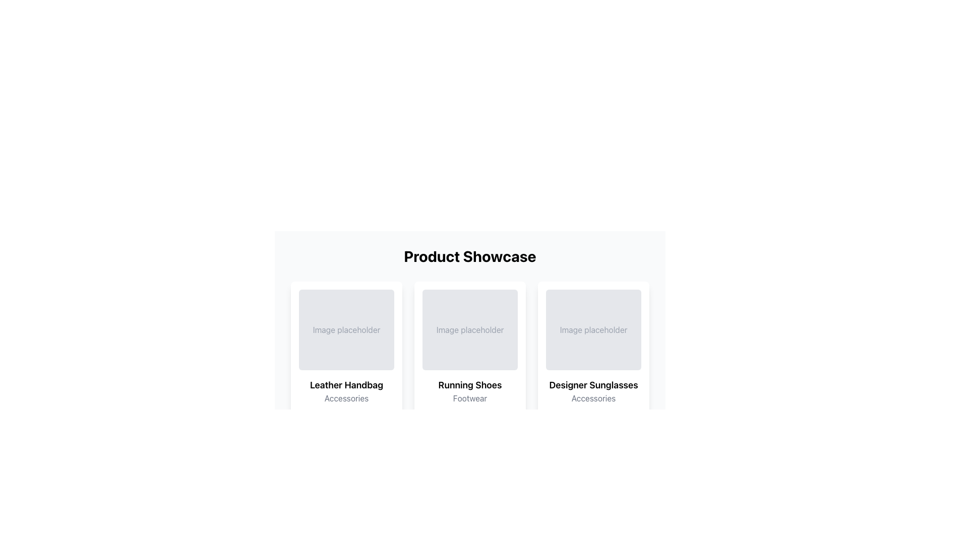 The width and height of the screenshot is (968, 544). Describe the element at coordinates (346, 397) in the screenshot. I see `the static text label that provides categorization information for the product, located below the title 'Leather Handbag' and above the star rating section` at that location.